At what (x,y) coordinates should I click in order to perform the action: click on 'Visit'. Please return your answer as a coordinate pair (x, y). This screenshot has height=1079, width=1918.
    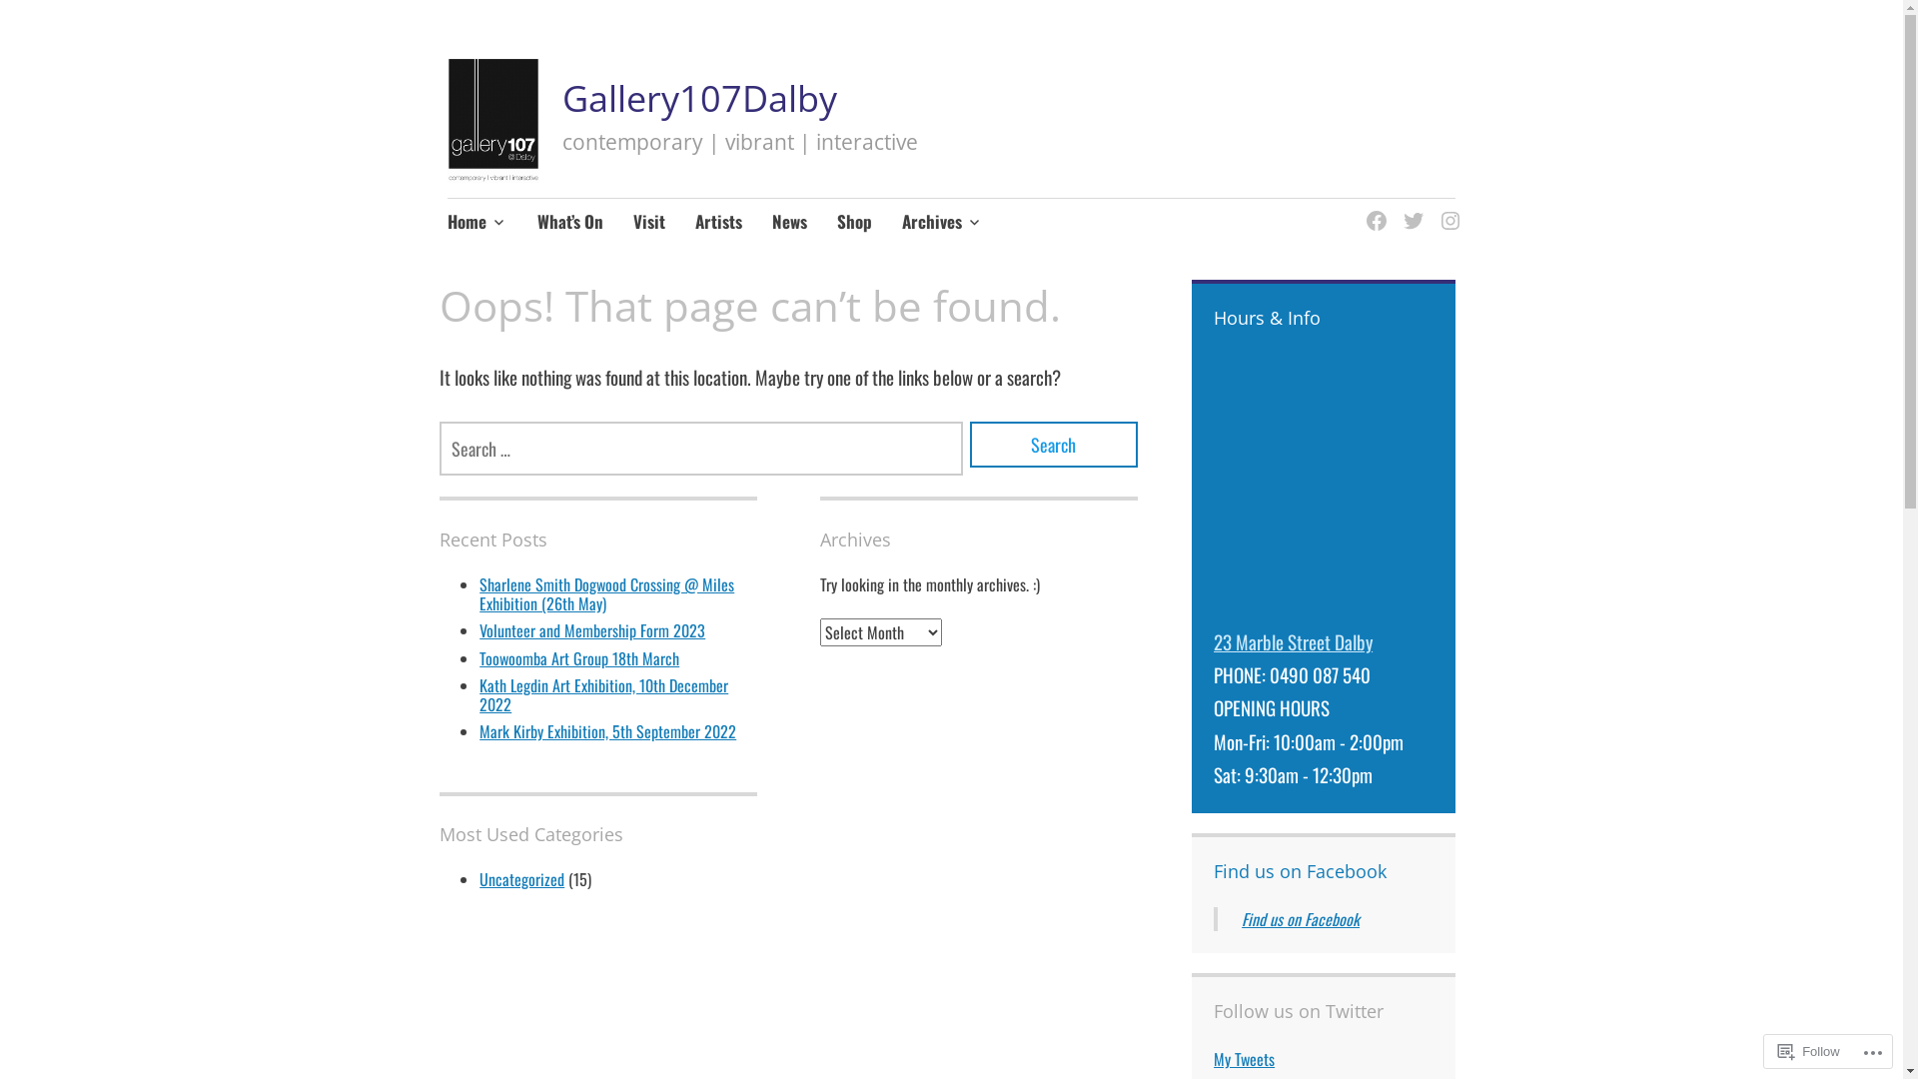
    Looking at the image, I should click on (648, 223).